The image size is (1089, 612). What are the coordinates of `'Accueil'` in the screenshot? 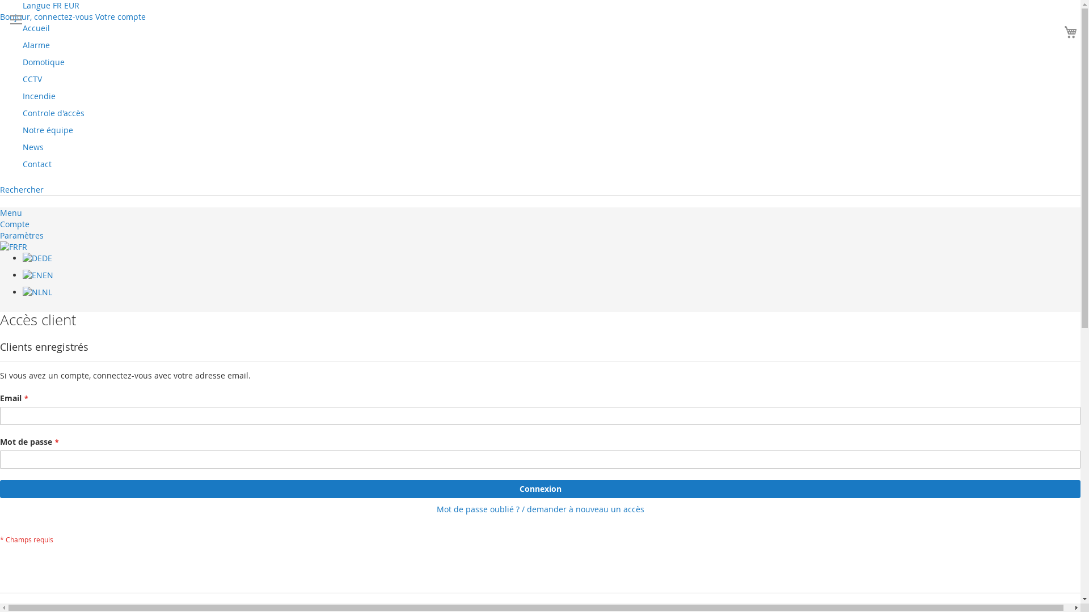 It's located at (22, 27).